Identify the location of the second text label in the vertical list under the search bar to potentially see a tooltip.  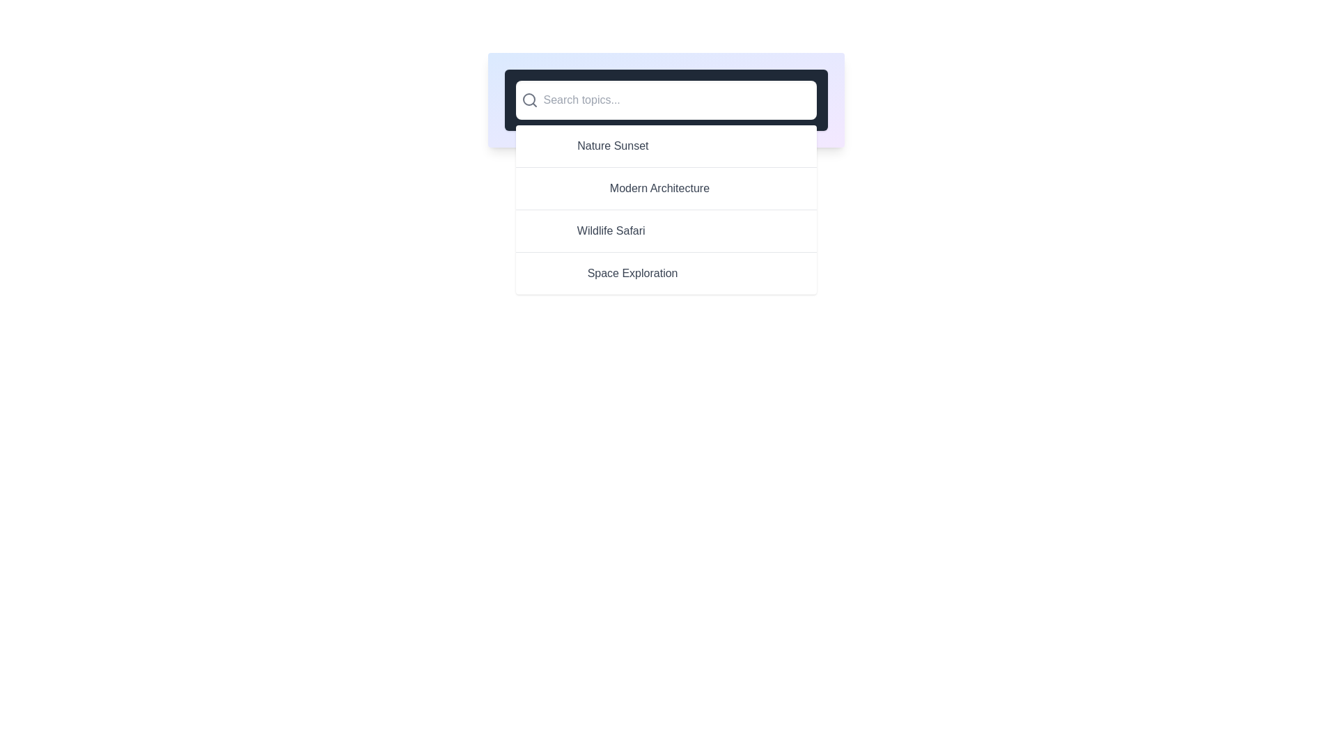
(659, 188).